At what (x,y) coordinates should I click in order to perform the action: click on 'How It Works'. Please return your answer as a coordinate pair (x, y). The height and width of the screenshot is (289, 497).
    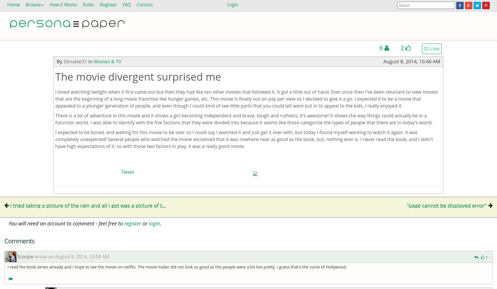
    Looking at the image, I should click on (49, 5).